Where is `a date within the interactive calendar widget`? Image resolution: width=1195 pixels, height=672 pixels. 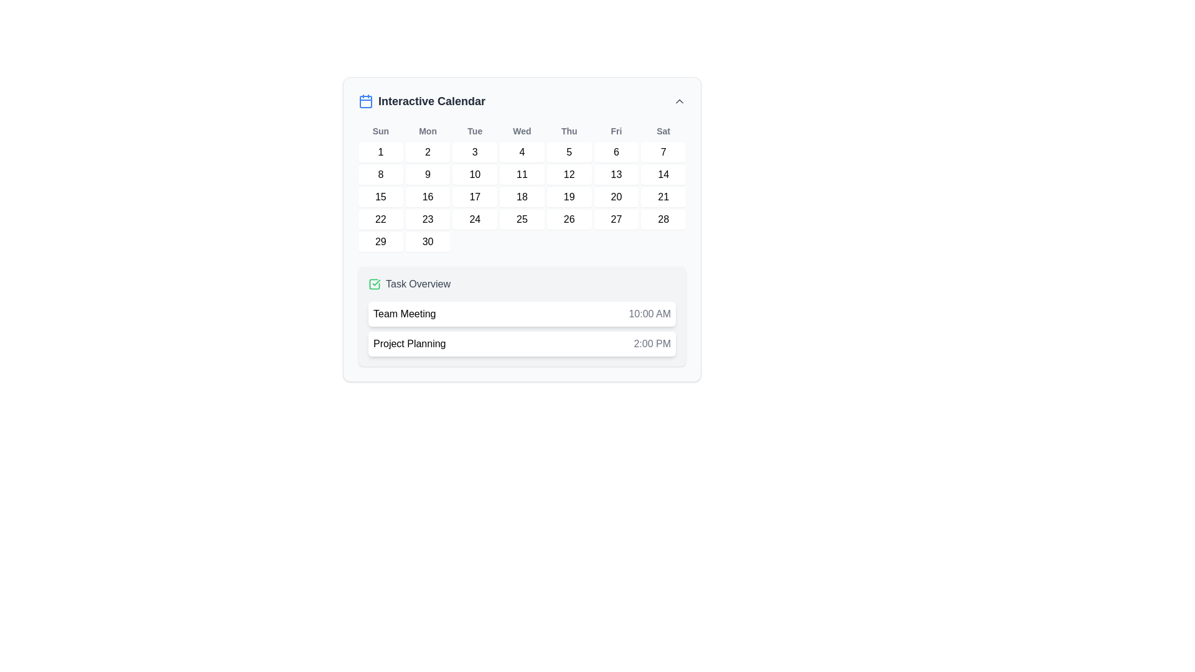 a date within the interactive calendar widget is located at coordinates (522, 230).